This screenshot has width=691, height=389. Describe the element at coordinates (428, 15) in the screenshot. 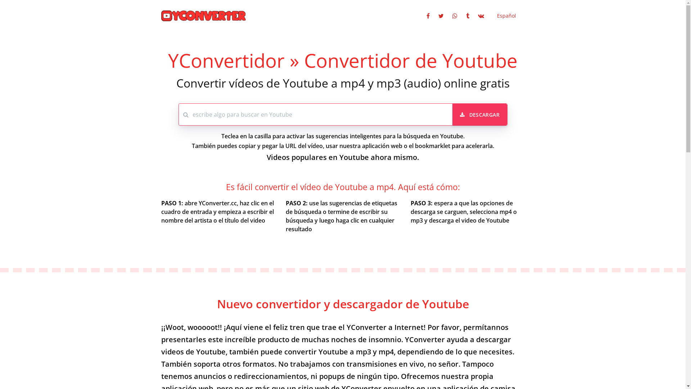

I see `'Compartir en Facebook'` at that location.